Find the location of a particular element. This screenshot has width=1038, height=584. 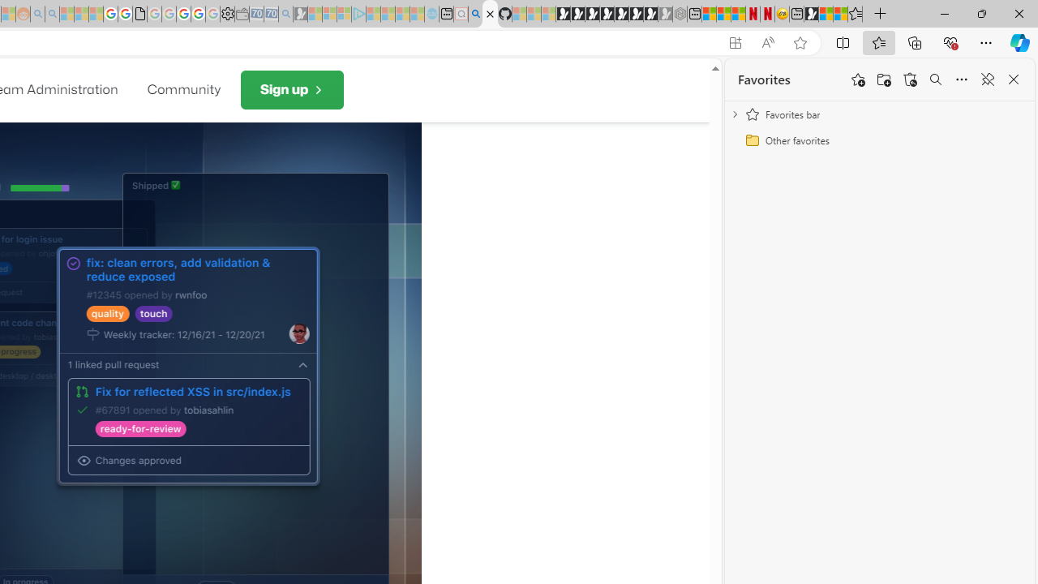

'Cheap Car Rentals - Save70.com - Sleeping' is located at coordinates (271, 14).